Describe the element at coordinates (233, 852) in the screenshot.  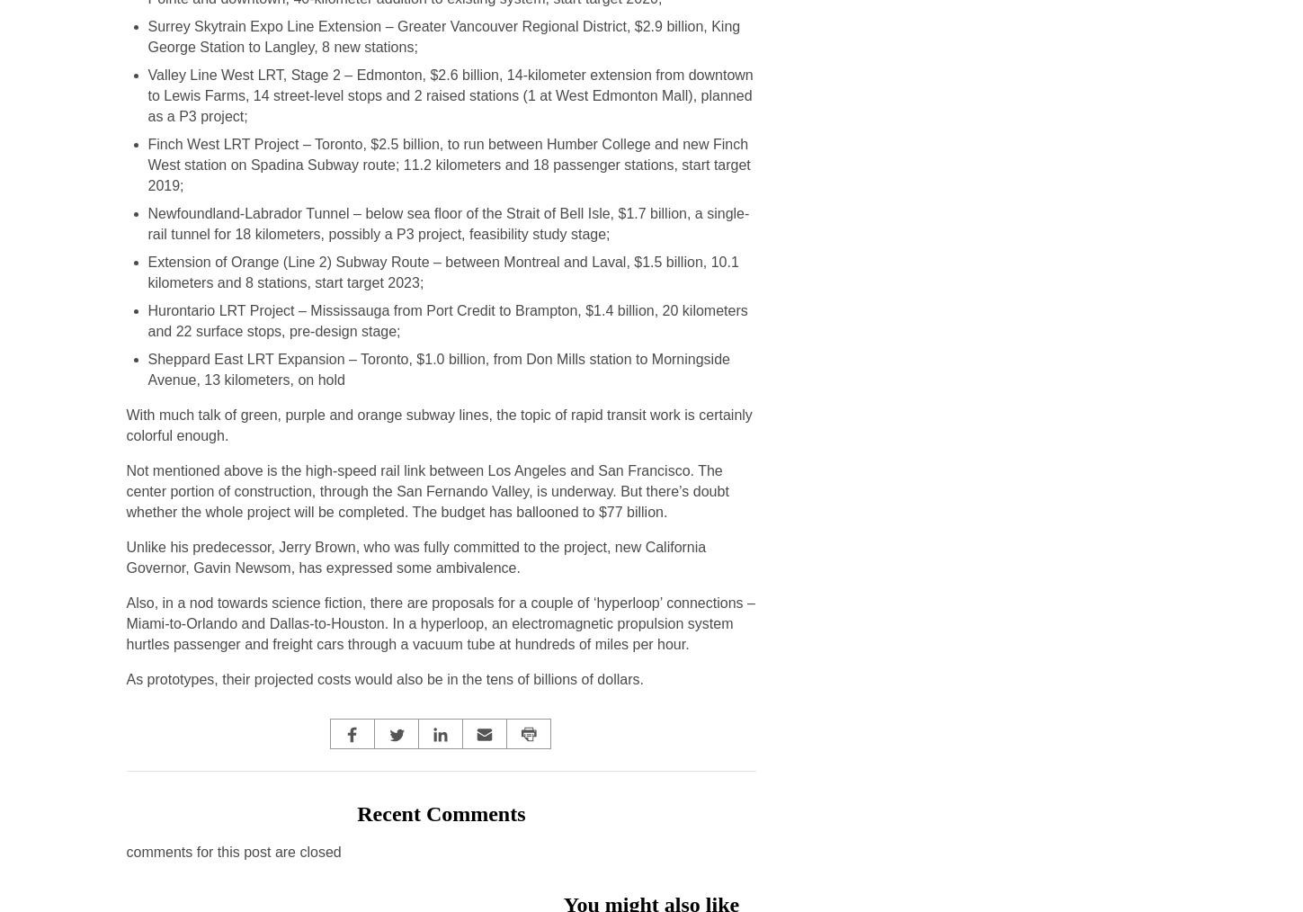
I see `'comments for this post are closed'` at that location.